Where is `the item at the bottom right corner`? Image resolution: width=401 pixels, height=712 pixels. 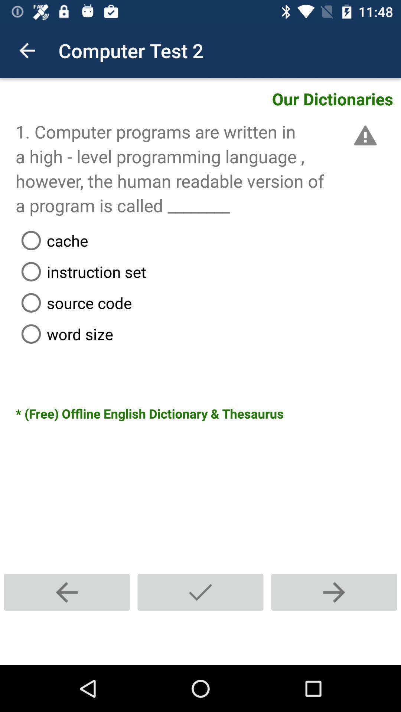
the item at the bottom right corner is located at coordinates (333, 592).